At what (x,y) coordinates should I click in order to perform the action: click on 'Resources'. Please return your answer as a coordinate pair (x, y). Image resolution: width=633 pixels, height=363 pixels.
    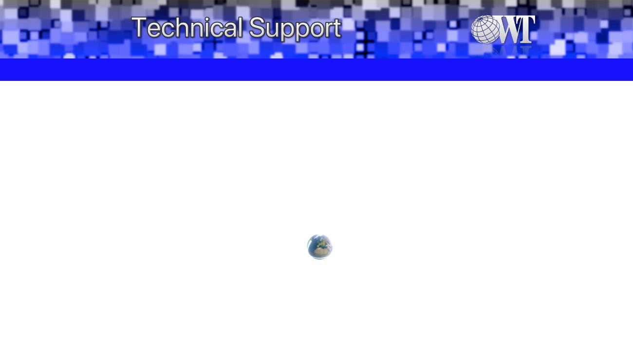
    Looking at the image, I should click on (285, 69).